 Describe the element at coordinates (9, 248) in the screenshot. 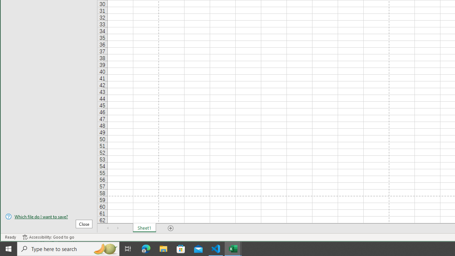

I see `'Start'` at that location.